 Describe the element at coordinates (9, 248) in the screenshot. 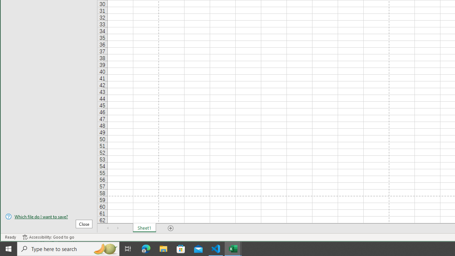

I see `'Start'` at that location.